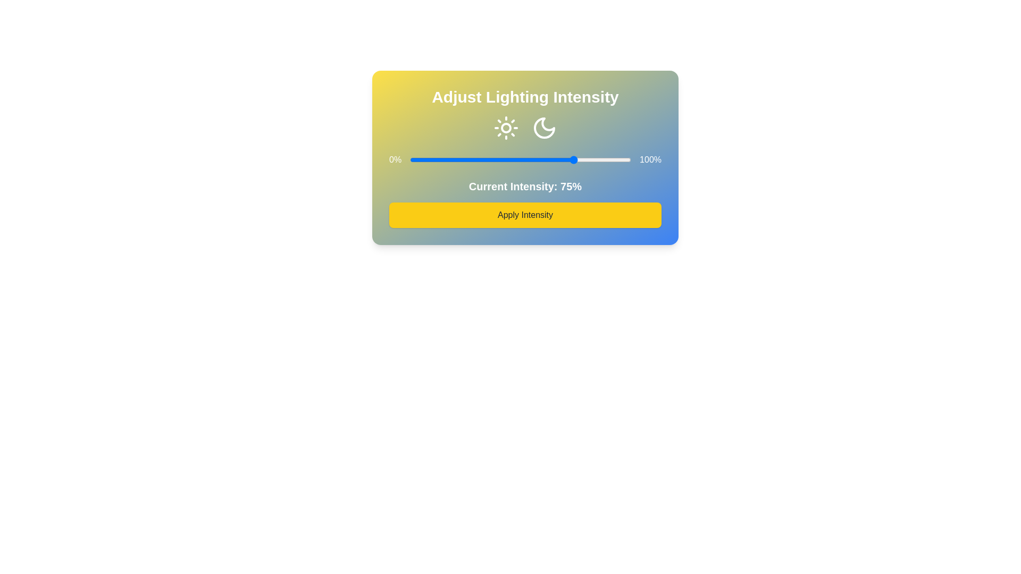 The height and width of the screenshot is (574, 1021). What do you see at coordinates (620, 159) in the screenshot?
I see `the light intensity to 95% by moving the slider` at bounding box center [620, 159].